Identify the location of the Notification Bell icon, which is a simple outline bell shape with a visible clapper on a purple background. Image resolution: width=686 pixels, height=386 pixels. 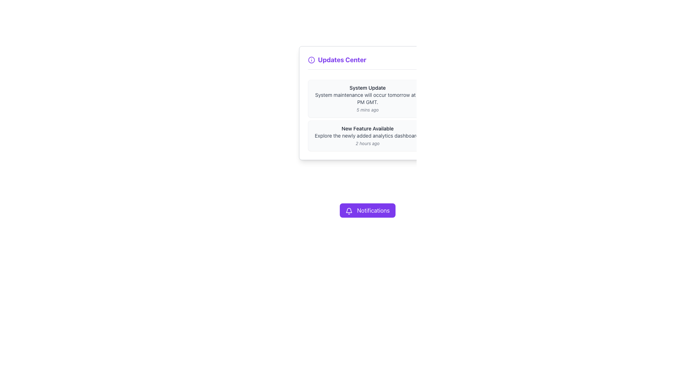
(349, 210).